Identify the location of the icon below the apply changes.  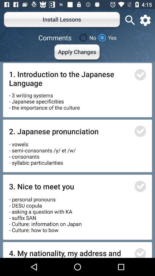
(70, 78).